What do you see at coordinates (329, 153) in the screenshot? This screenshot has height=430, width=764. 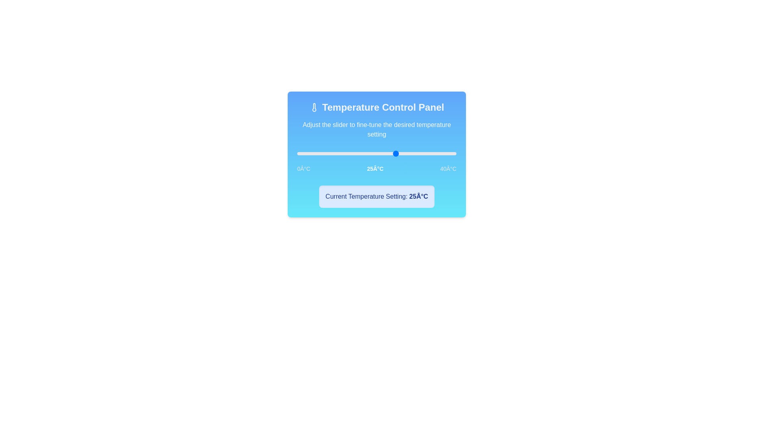 I see `the temperature to 8°C by clicking on the slider track` at bounding box center [329, 153].